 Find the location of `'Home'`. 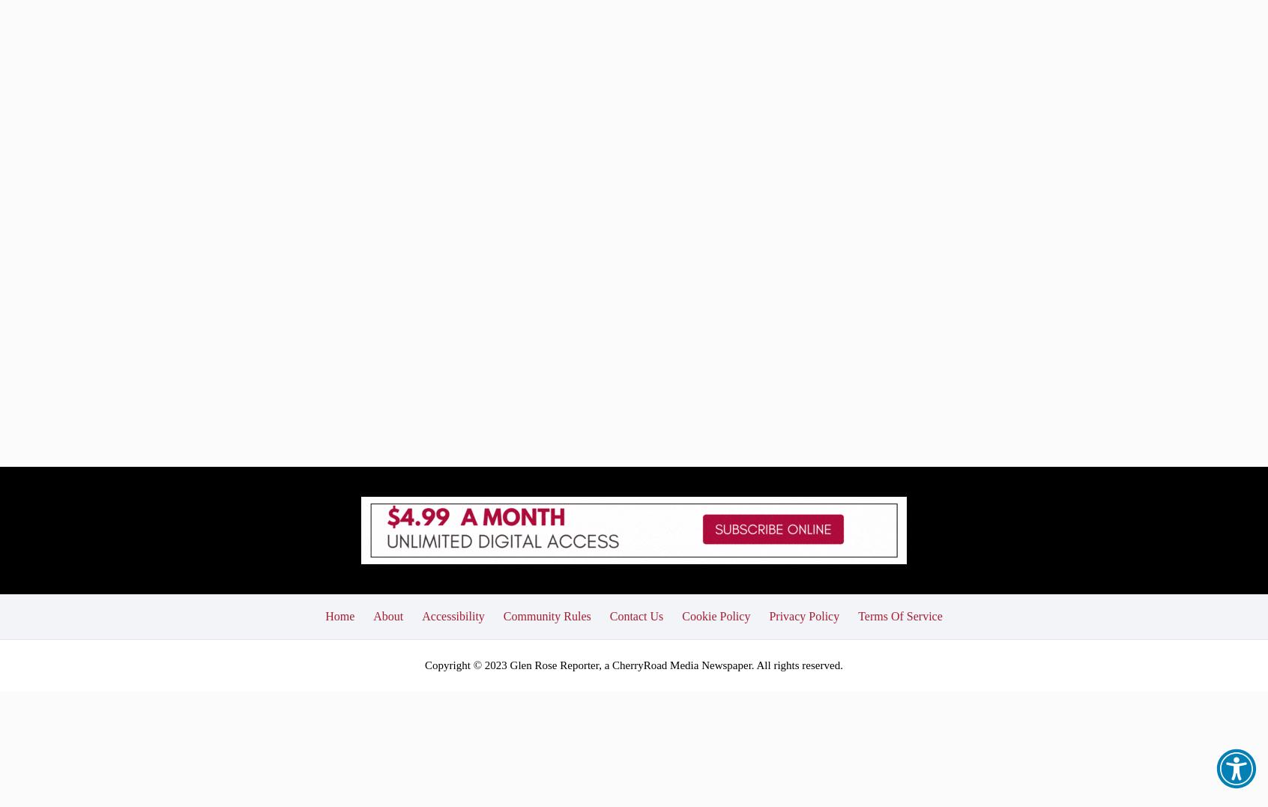

'Home' is located at coordinates (339, 505).